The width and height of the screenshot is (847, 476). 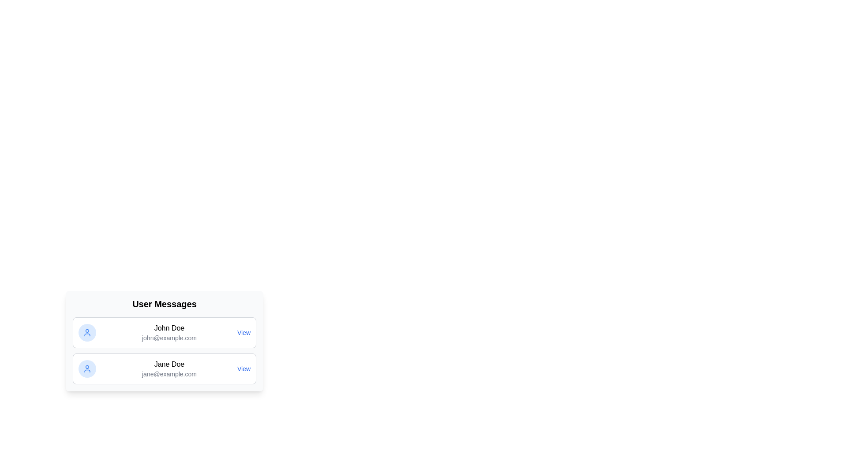 What do you see at coordinates (87, 333) in the screenshot?
I see `the user icon for John Doe` at bounding box center [87, 333].